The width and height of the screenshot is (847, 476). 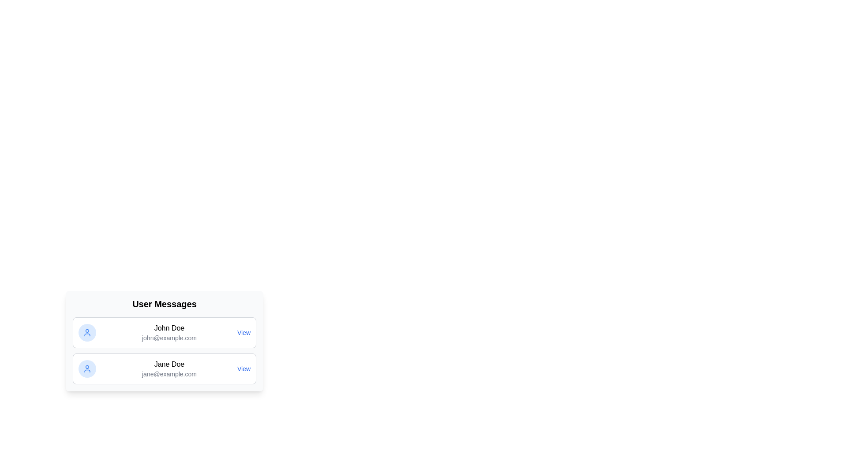 What do you see at coordinates (87, 333) in the screenshot?
I see `the user icon for John Doe` at bounding box center [87, 333].